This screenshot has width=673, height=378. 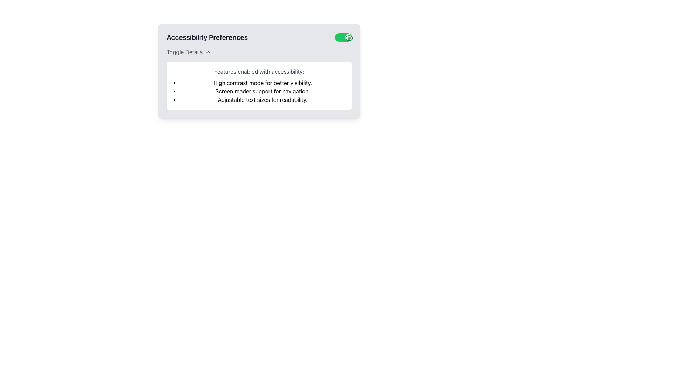 What do you see at coordinates (343, 37) in the screenshot?
I see `the active toggle switch with a green background and a white circular handle, located in the top-right corner of the 'Accessibility Preferences' section` at bounding box center [343, 37].